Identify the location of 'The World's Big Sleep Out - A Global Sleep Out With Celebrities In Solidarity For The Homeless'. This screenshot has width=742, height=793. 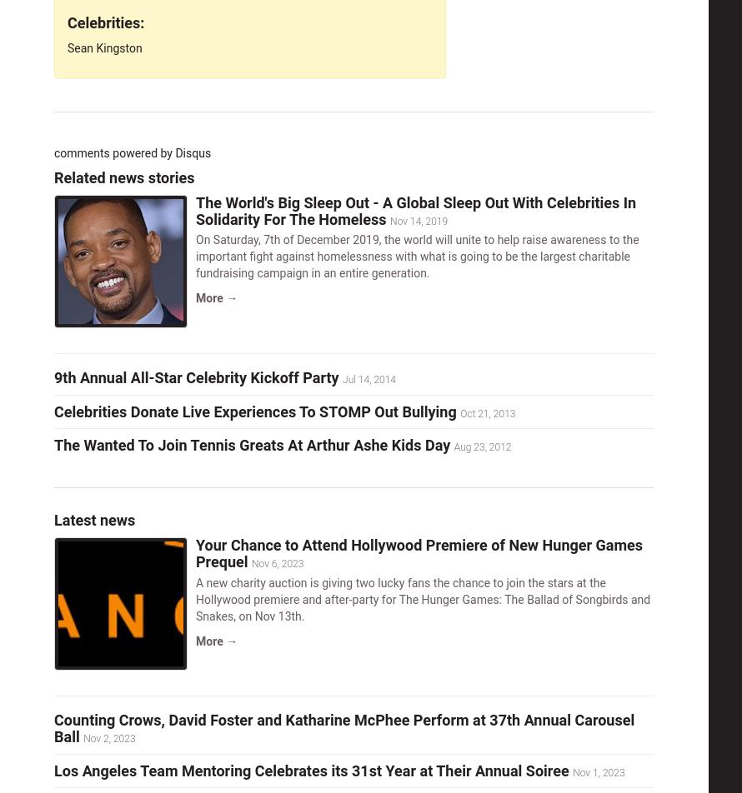
(416, 210).